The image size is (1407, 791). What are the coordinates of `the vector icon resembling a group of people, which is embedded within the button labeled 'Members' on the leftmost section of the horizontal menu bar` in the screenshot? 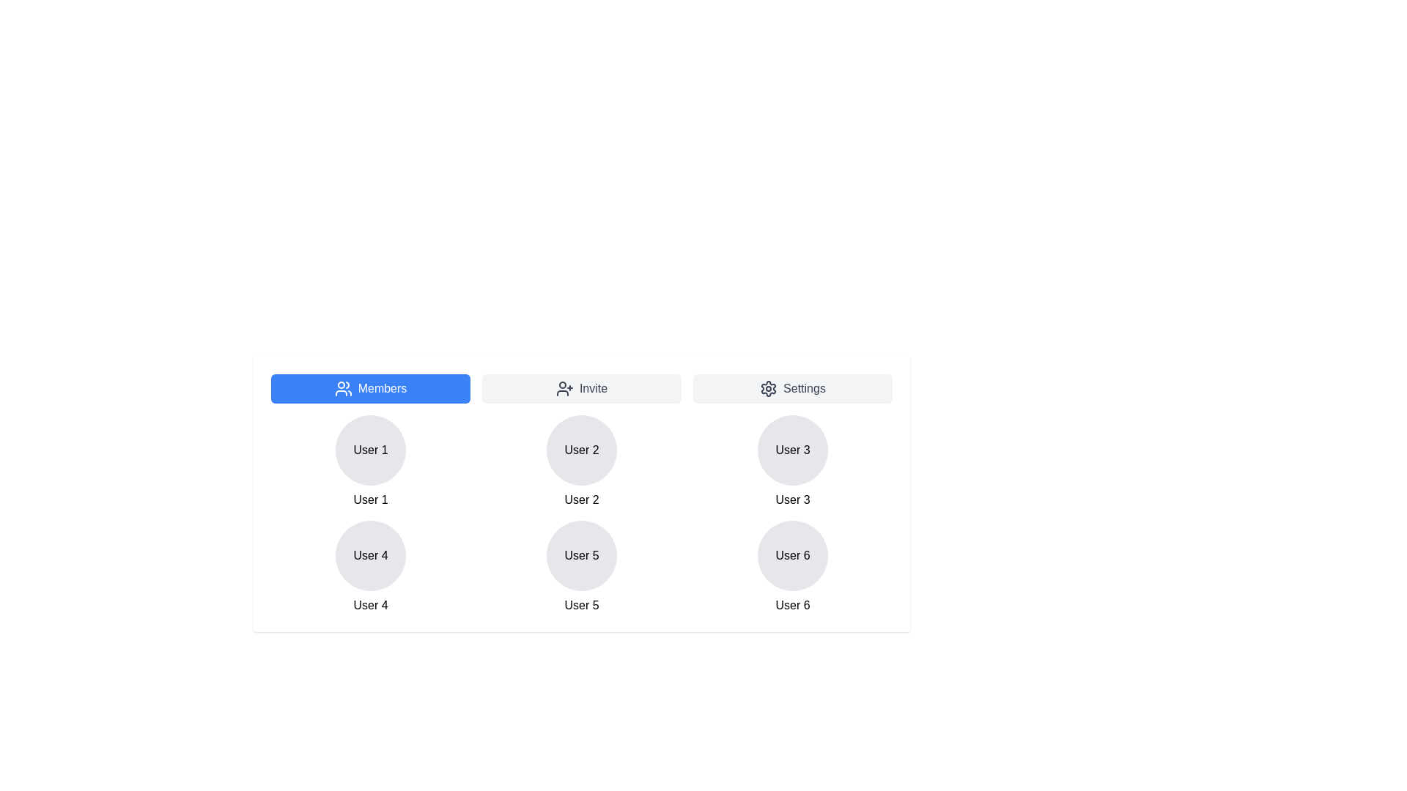 It's located at (342, 388).